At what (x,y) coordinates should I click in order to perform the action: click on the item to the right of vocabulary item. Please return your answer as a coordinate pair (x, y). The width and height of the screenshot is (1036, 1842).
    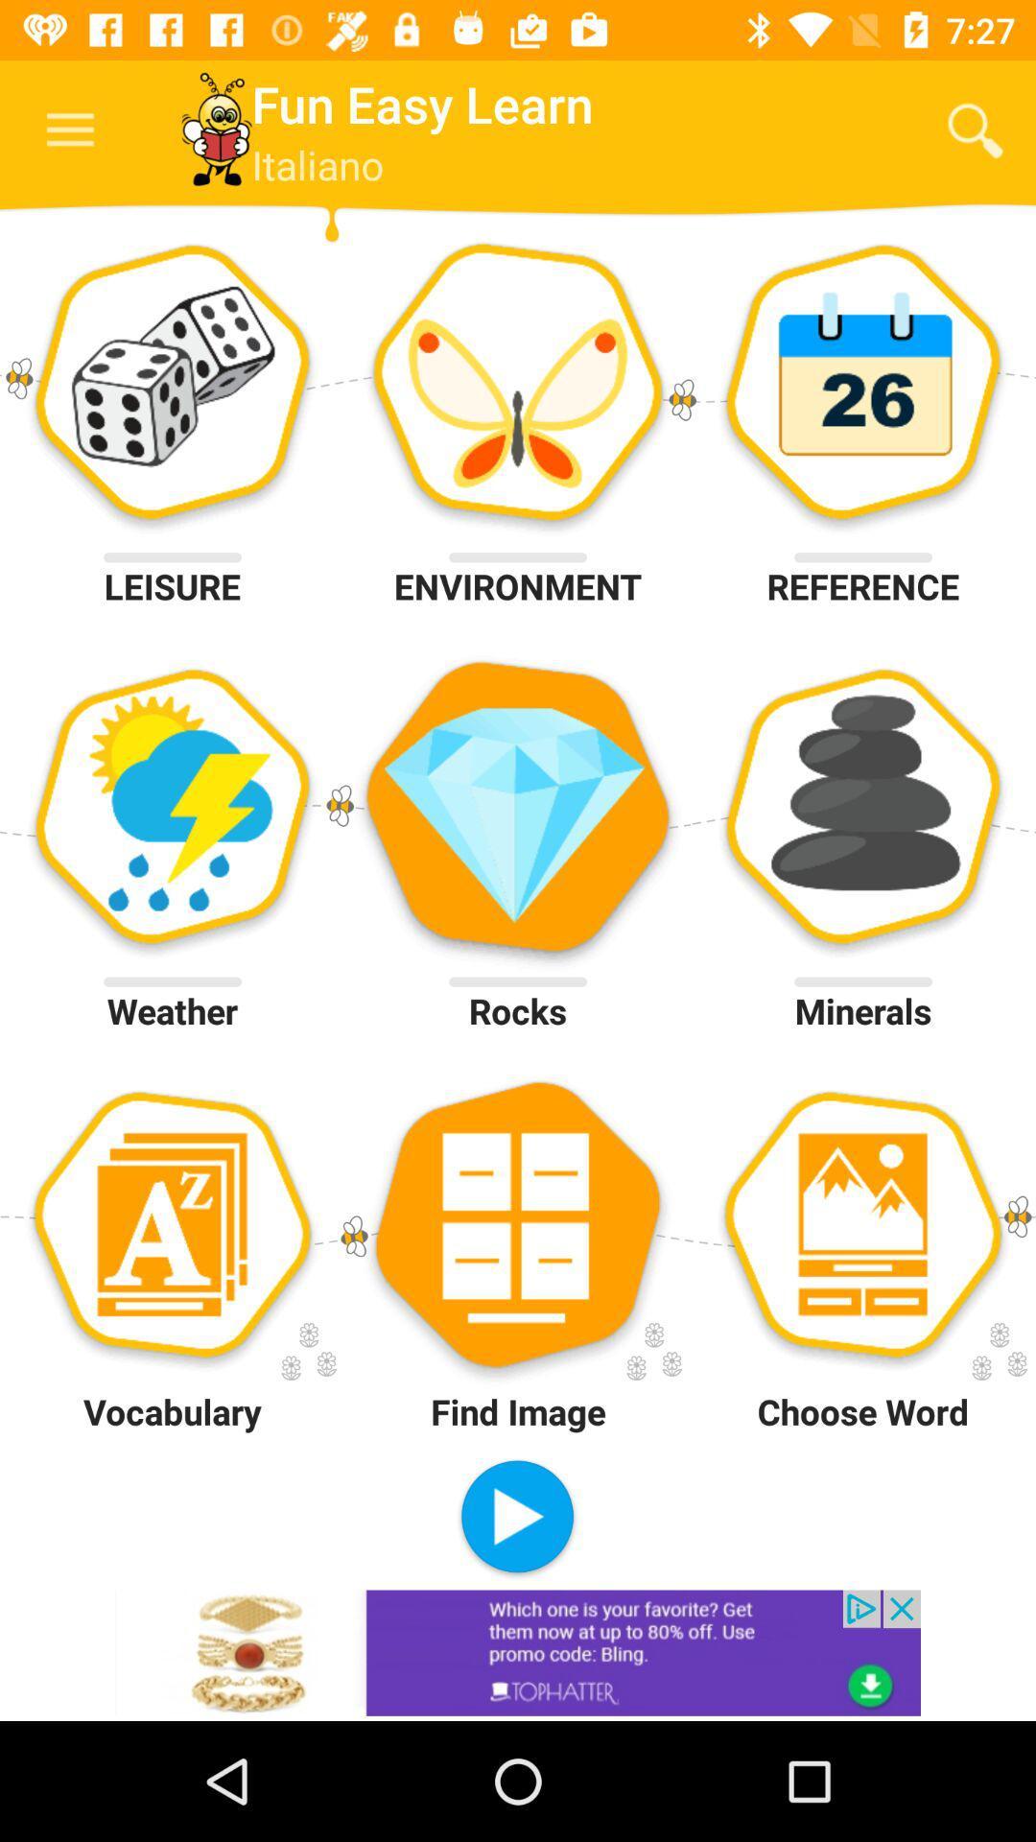
    Looking at the image, I should click on (516, 1518).